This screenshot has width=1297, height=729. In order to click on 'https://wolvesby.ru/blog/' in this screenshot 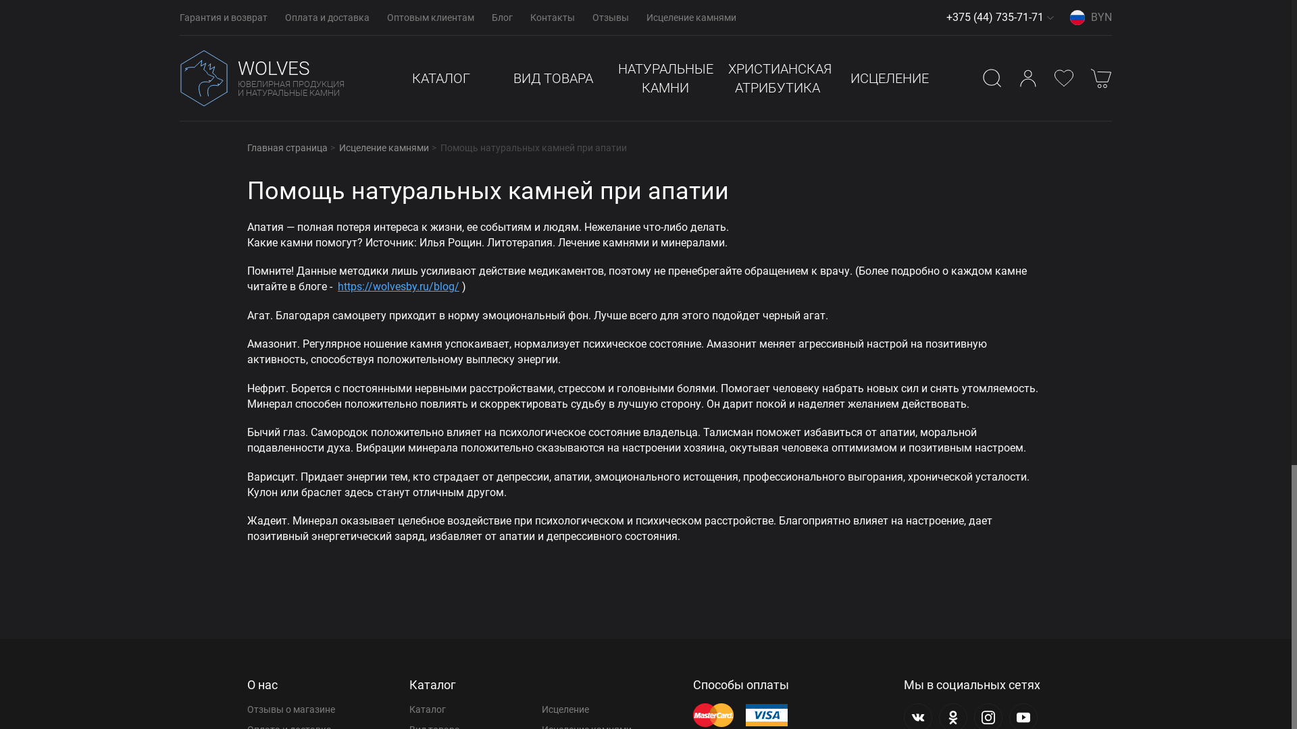, I will do `click(398, 286)`.